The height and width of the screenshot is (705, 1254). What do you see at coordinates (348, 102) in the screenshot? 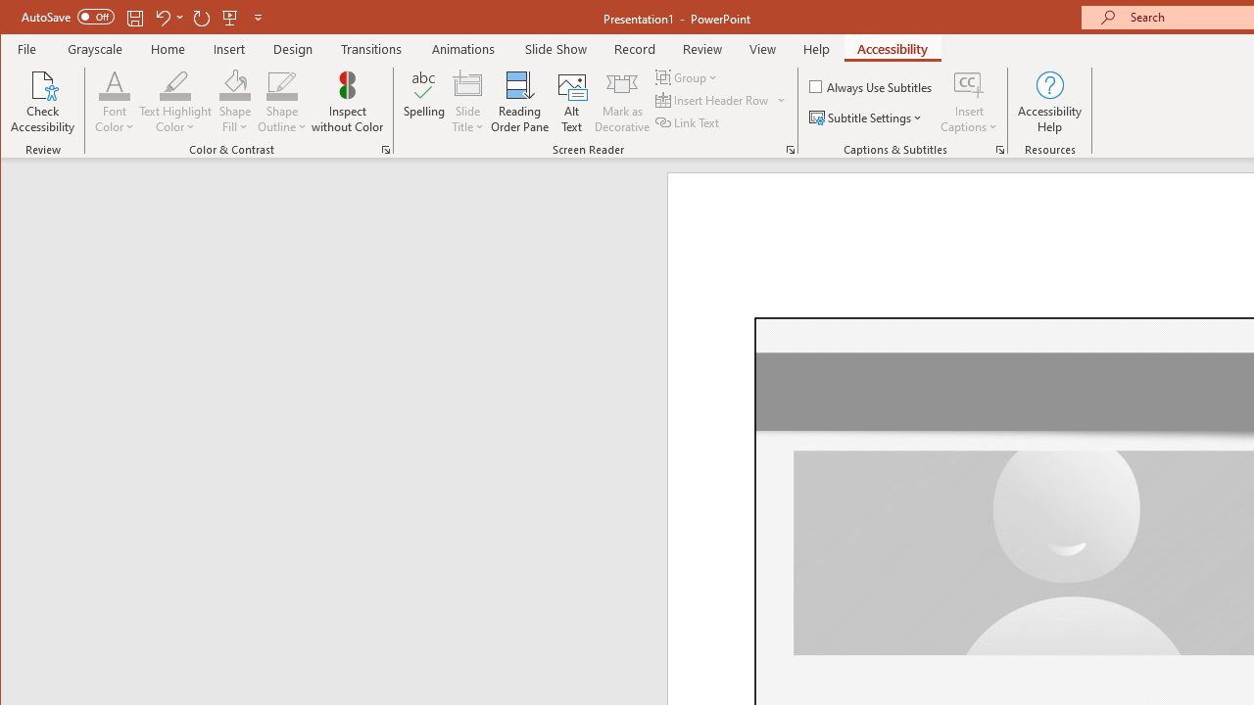
I see `'Inspect without Color'` at bounding box center [348, 102].